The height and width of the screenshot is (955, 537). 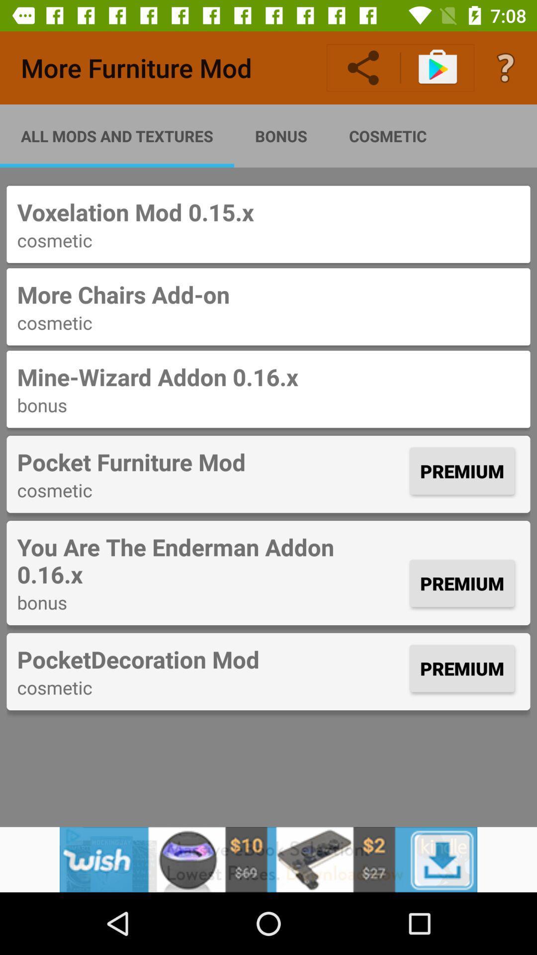 What do you see at coordinates (437, 68) in the screenshot?
I see `the play store option` at bounding box center [437, 68].